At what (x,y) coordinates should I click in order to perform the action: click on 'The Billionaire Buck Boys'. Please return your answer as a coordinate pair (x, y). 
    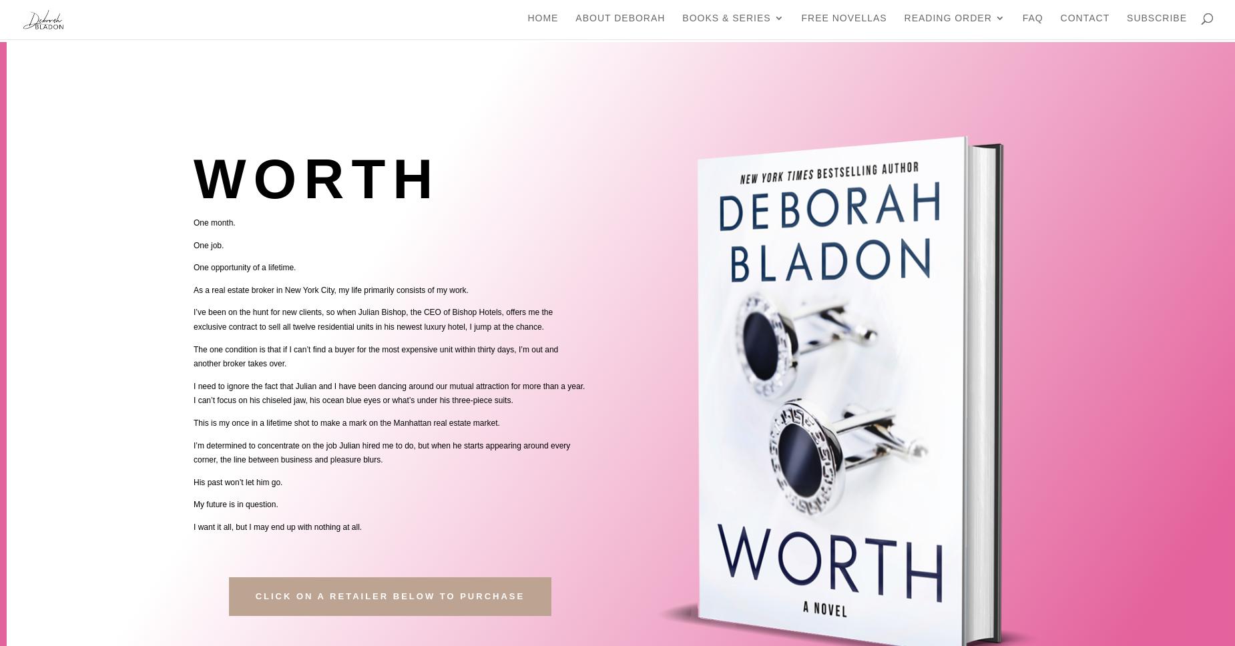
    Looking at the image, I should click on (869, 81).